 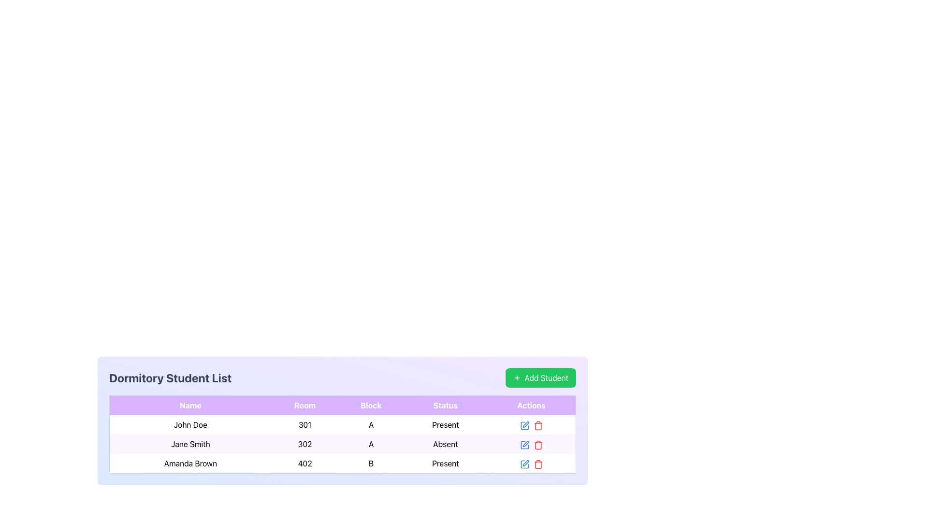 I want to click on the small red pen icon in the Actions column associated with Amanda Brown's entry, so click(x=525, y=463).